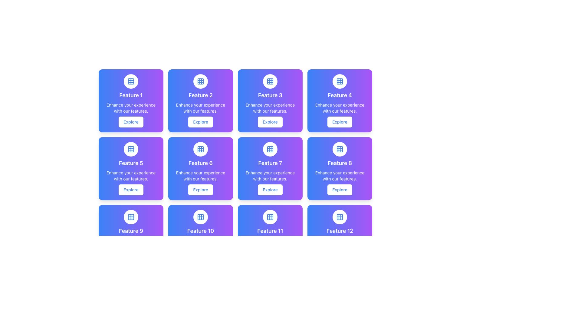 Image resolution: width=581 pixels, height=327 pixels. I want to click on the grid icon located in the second column of the first row of the feature layout, so click(200, 81).